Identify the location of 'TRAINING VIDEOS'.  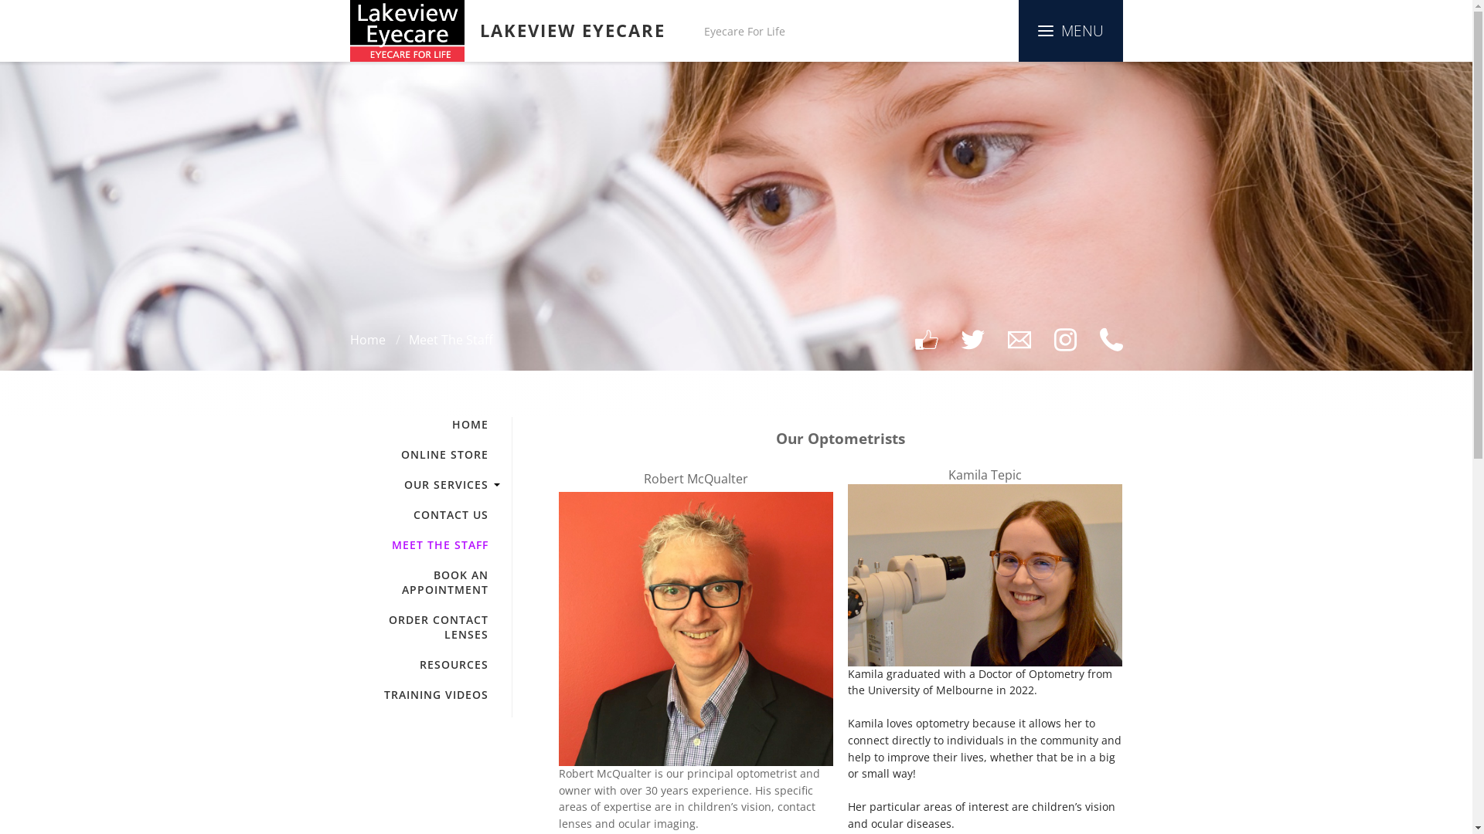
(418, 693).